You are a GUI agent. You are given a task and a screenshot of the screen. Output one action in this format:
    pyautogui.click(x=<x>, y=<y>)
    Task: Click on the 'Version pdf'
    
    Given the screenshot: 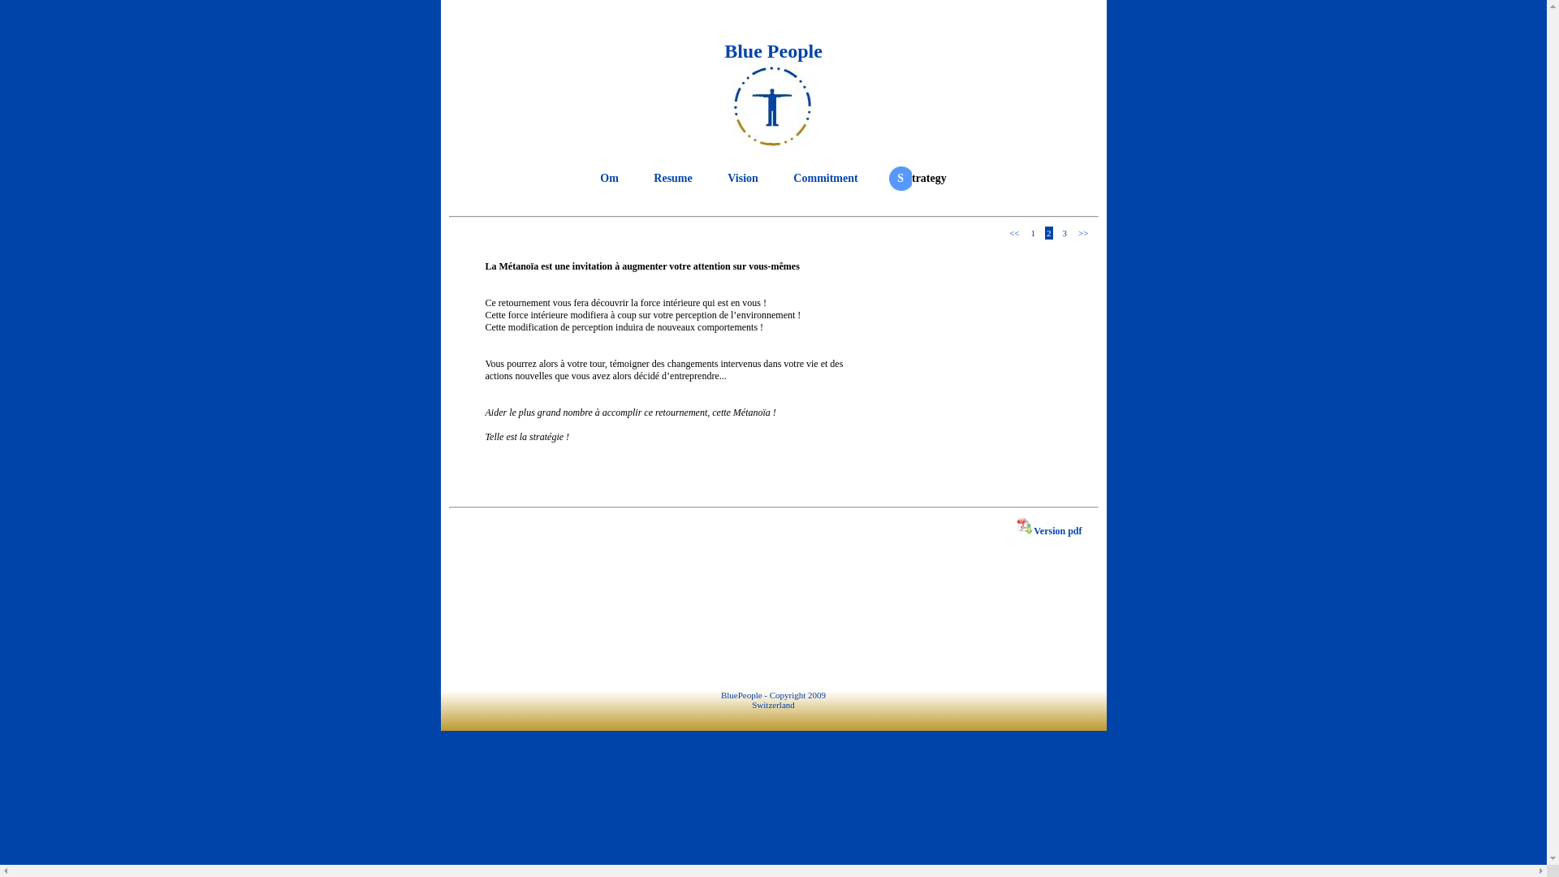 What is the action you would take?
    pyautogui.click(x=1049, y=531)
    